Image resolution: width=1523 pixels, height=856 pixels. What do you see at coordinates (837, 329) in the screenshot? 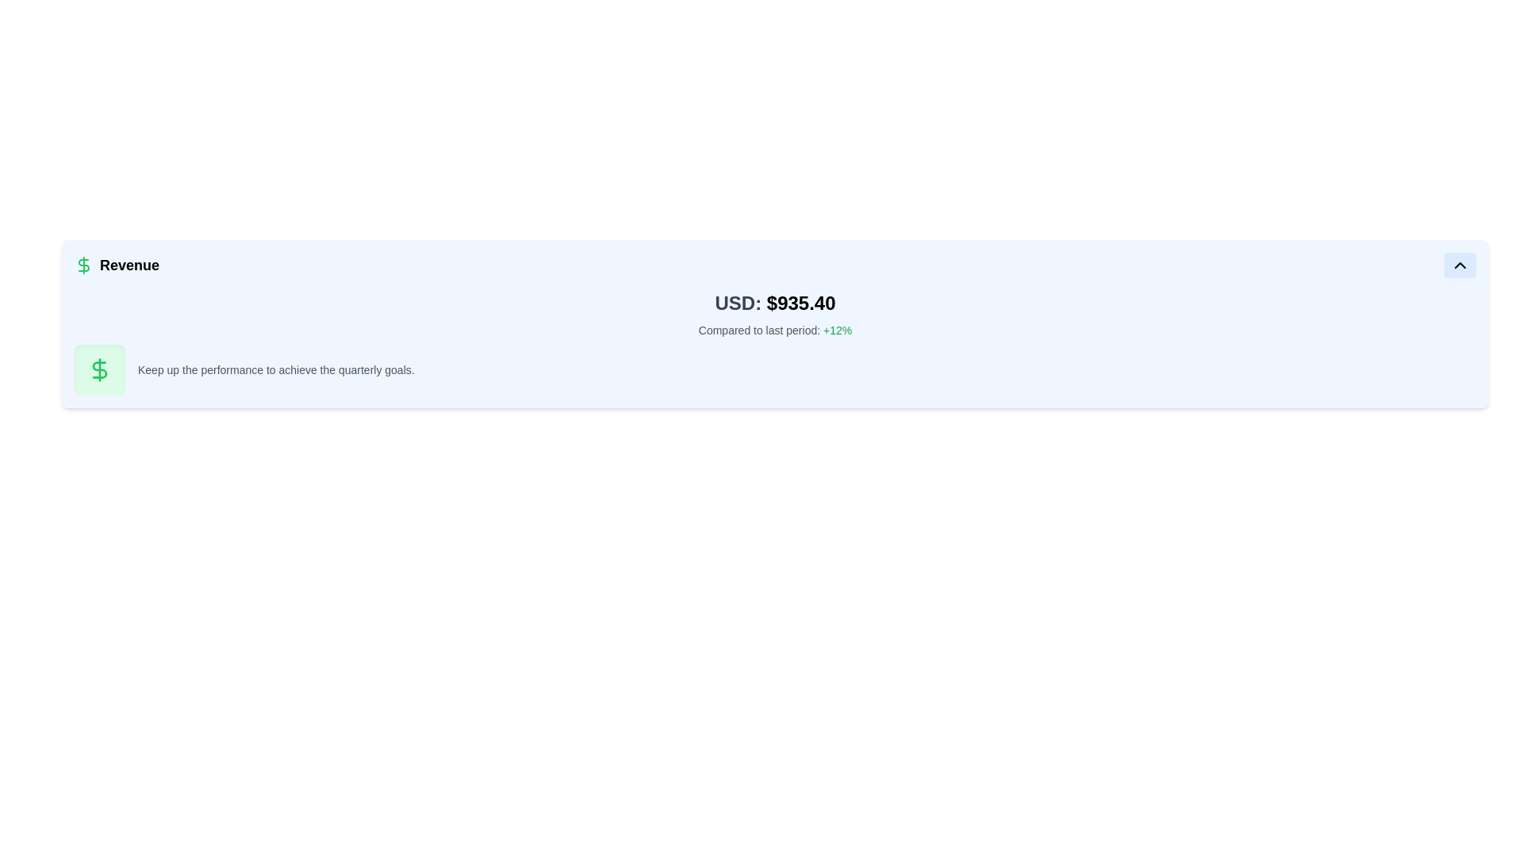
I see `the green percentage text '+12%' which is part of the sentence 'Compared to last period: +12%', located below the heading 'USD: $935.40'` at bounding box center [837, 329].